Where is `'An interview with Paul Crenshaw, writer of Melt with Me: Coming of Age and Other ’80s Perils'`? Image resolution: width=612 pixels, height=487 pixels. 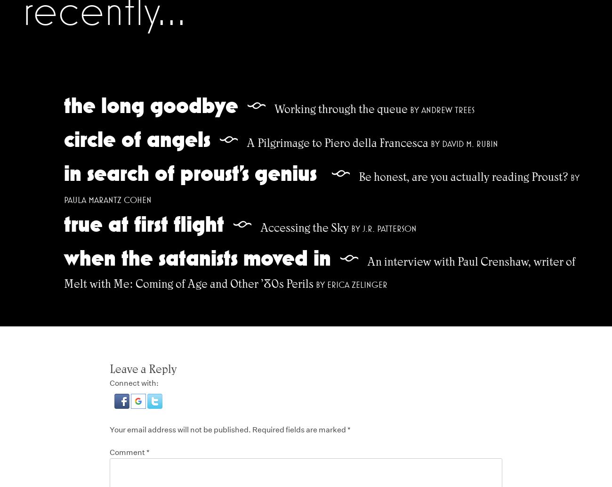 'An interview with Paul Crenshaw, writer of Melt with Me: Coming of Age and Other ’80s Perils' is located at coordinates (319, 272).